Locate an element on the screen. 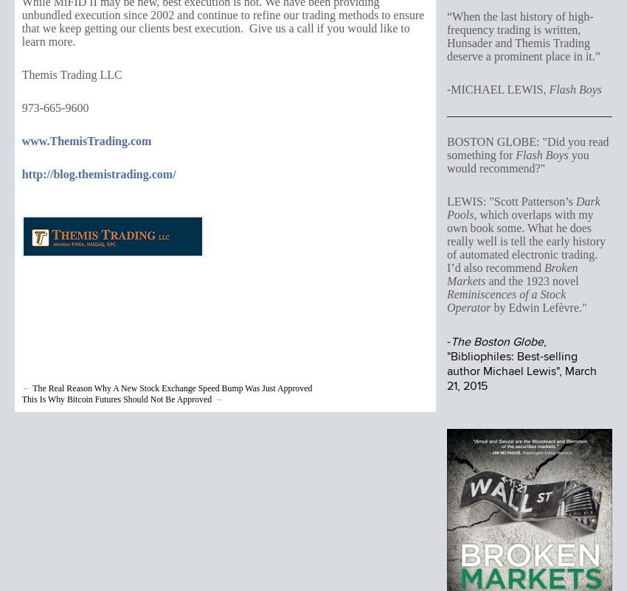 The width and height of the screenshot is (627, 591). ', which overlaps with my own book some. What he does really well is tell the early history of automated electronic trading. I’d also recommend' is located at coordinates (524, 241).